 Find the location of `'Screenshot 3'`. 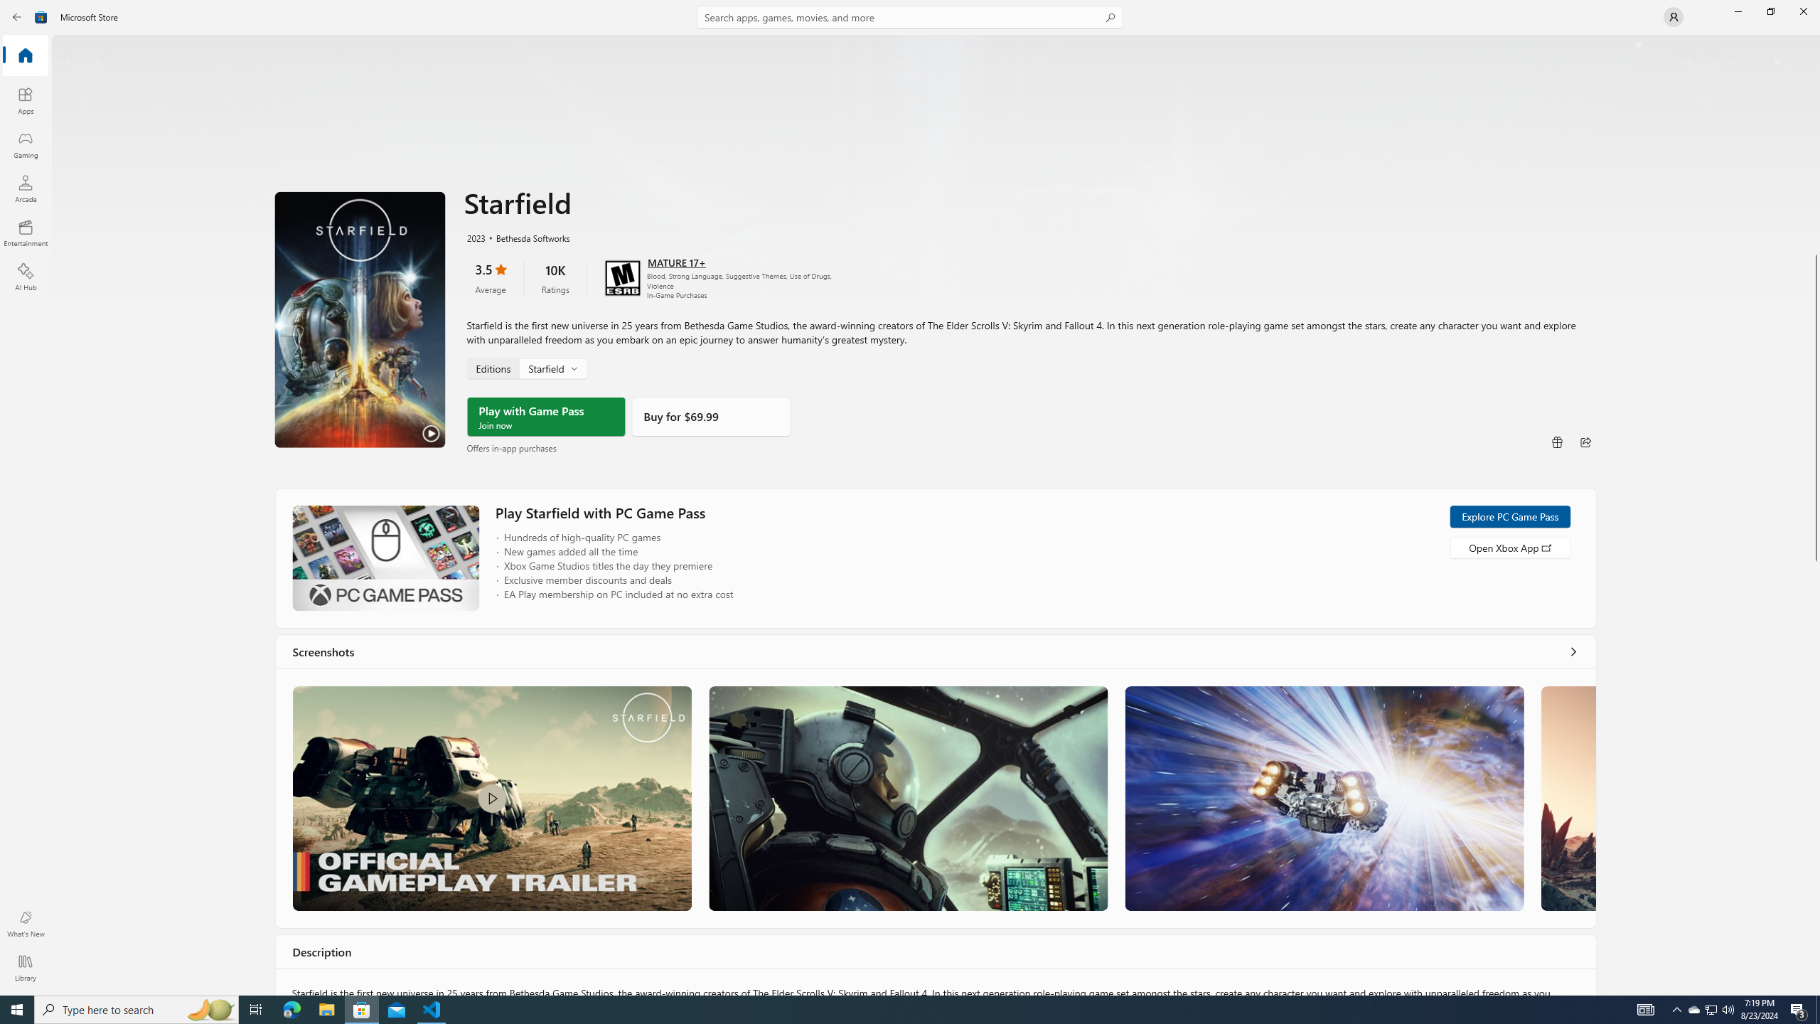

'Screenshot 3' is located at coordinates (1324, 798).